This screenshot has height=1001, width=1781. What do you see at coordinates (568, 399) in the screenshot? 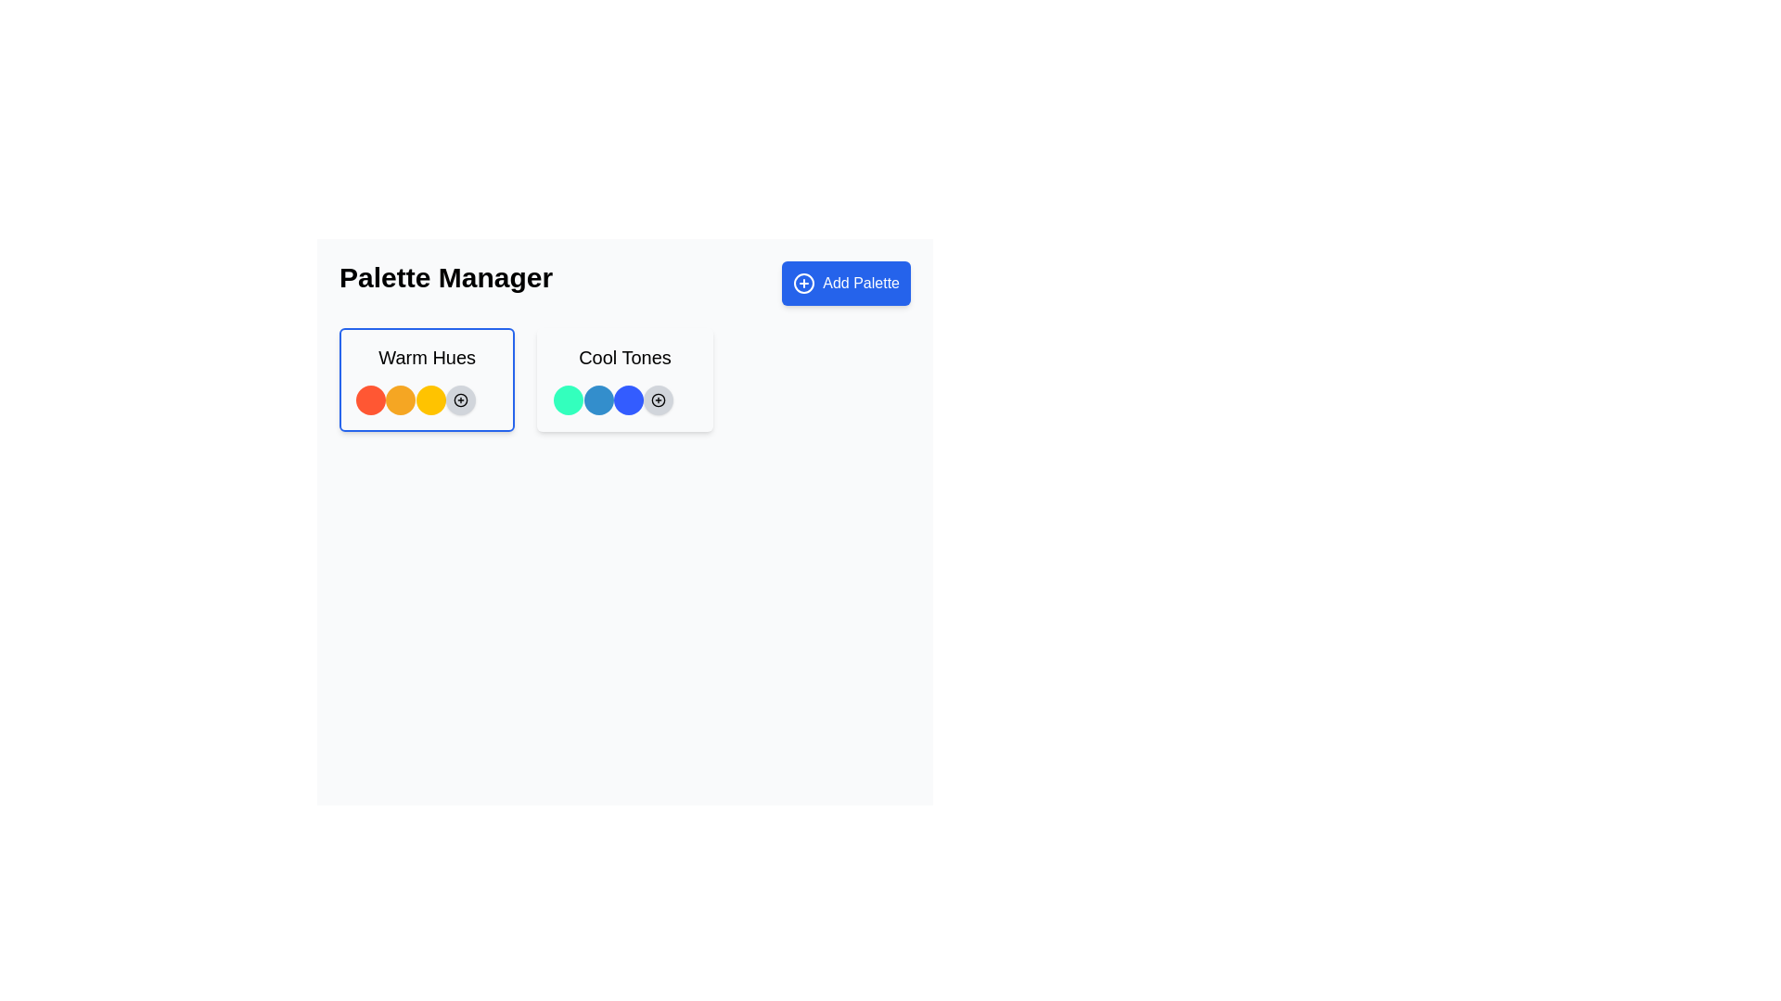
I see `the first green circular Color Indicator in the 'Cool Tones' palette` at bounding box center [568, 399].